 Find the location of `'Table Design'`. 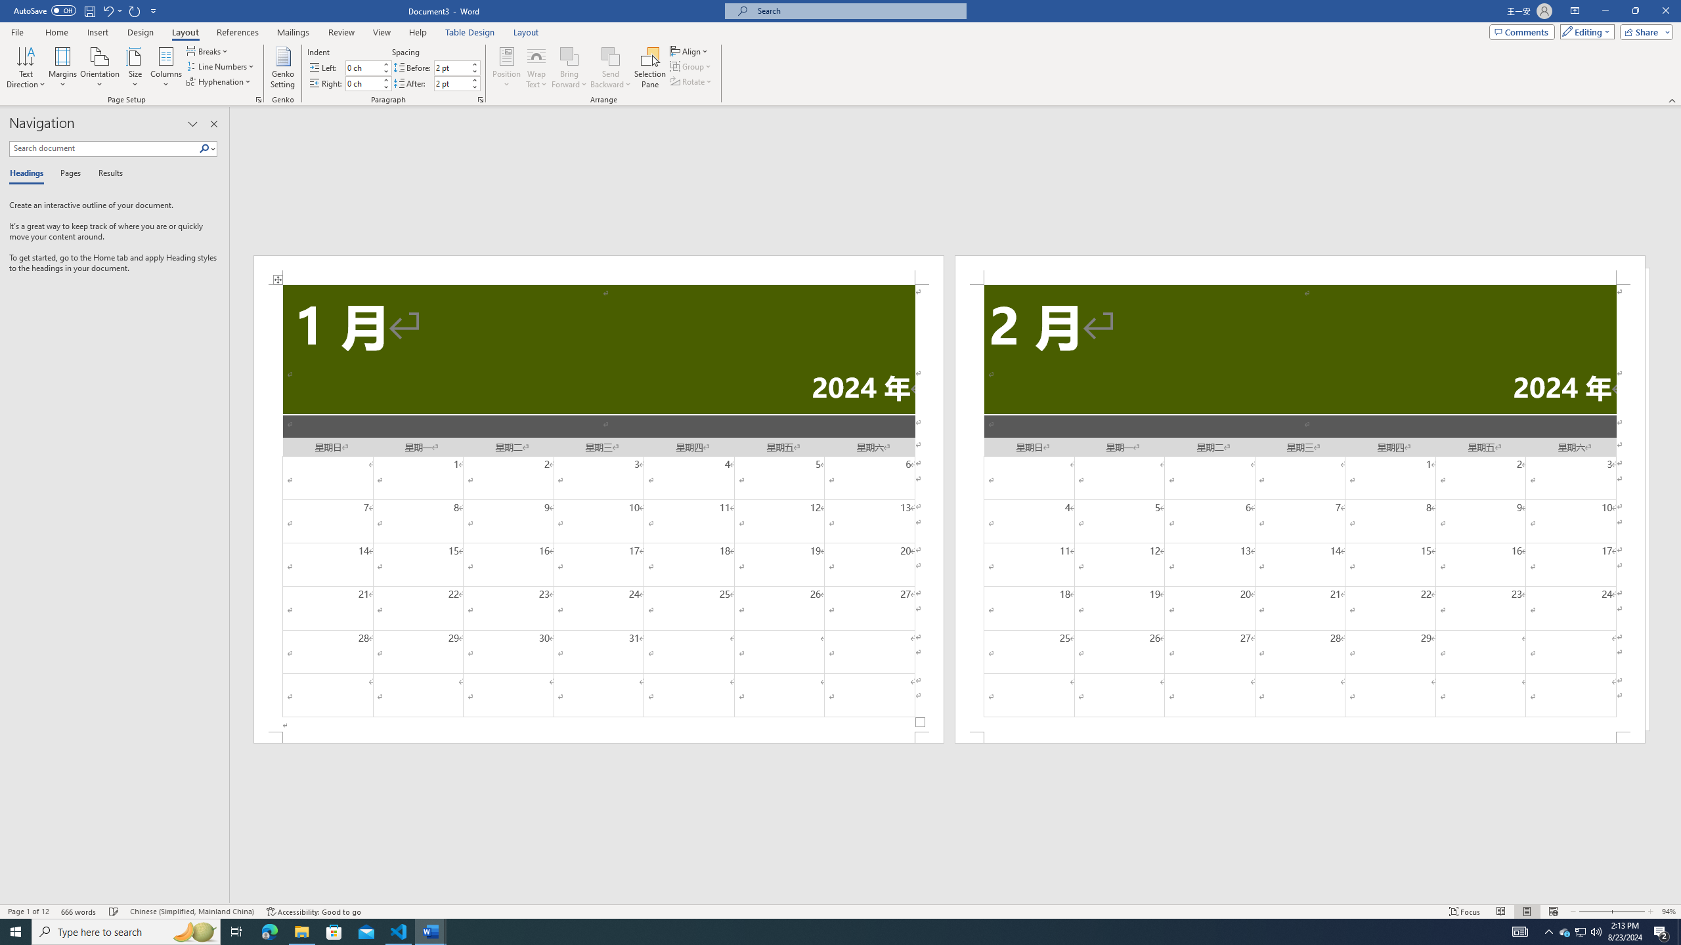

'Table Design' is located at coordinates (470, 32).